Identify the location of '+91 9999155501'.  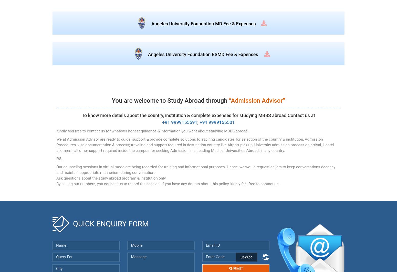
(217, 122).